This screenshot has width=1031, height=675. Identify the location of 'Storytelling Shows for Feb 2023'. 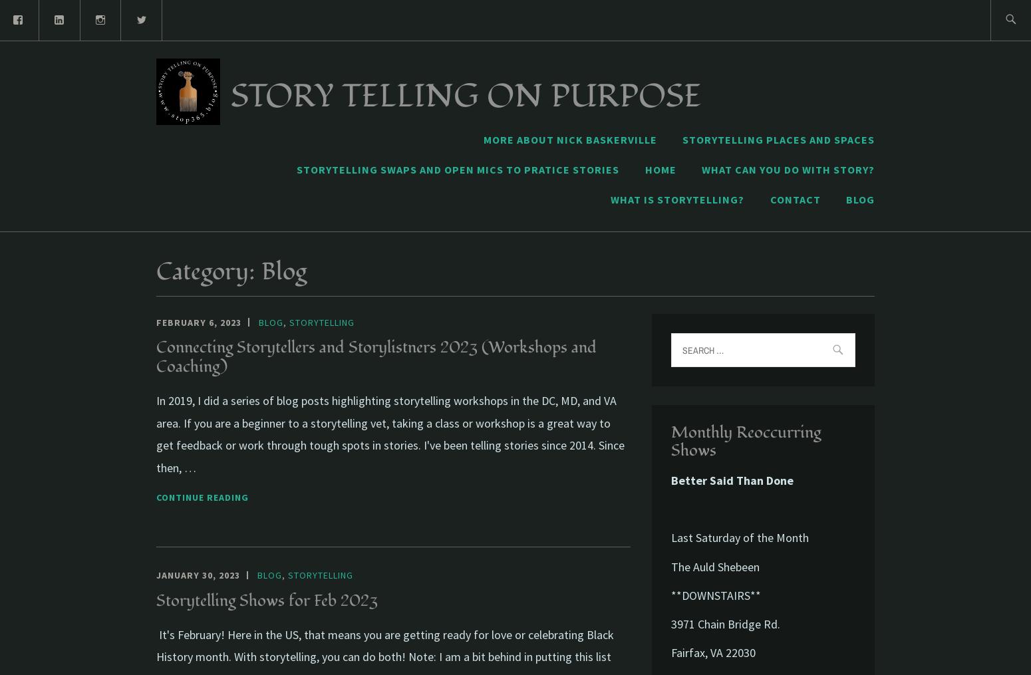
(156, 599).